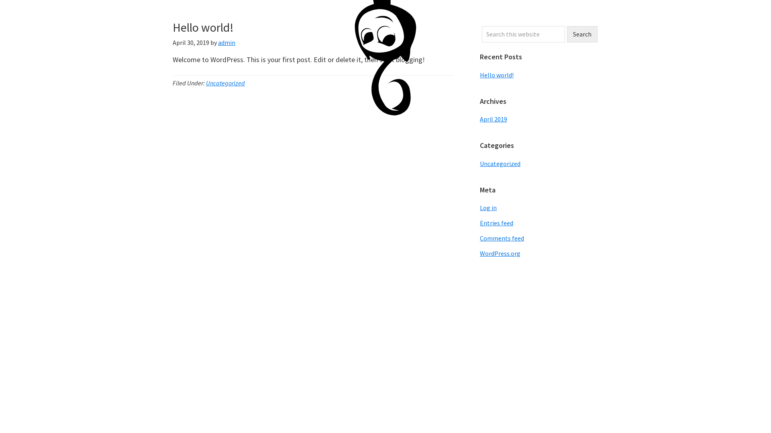  I want to click on 'April 2019', so click(493, 119).